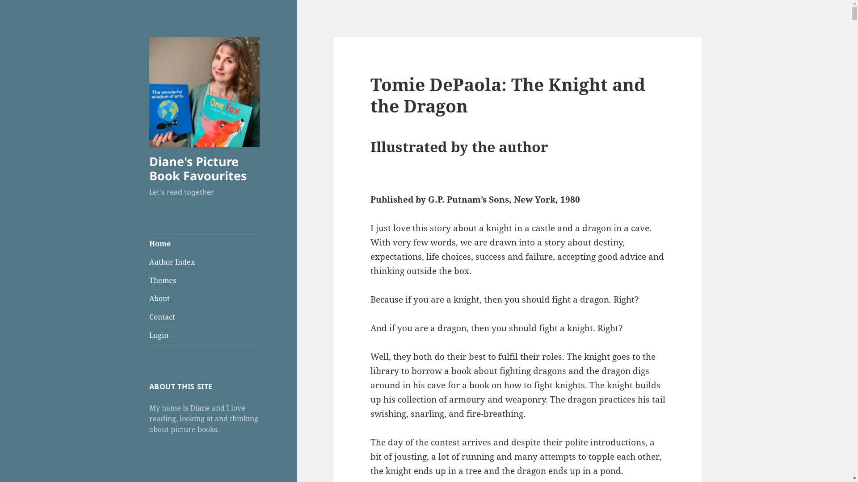 This screenshot has height=482, width=858. I want to click on 'Login', so click(204, 335).